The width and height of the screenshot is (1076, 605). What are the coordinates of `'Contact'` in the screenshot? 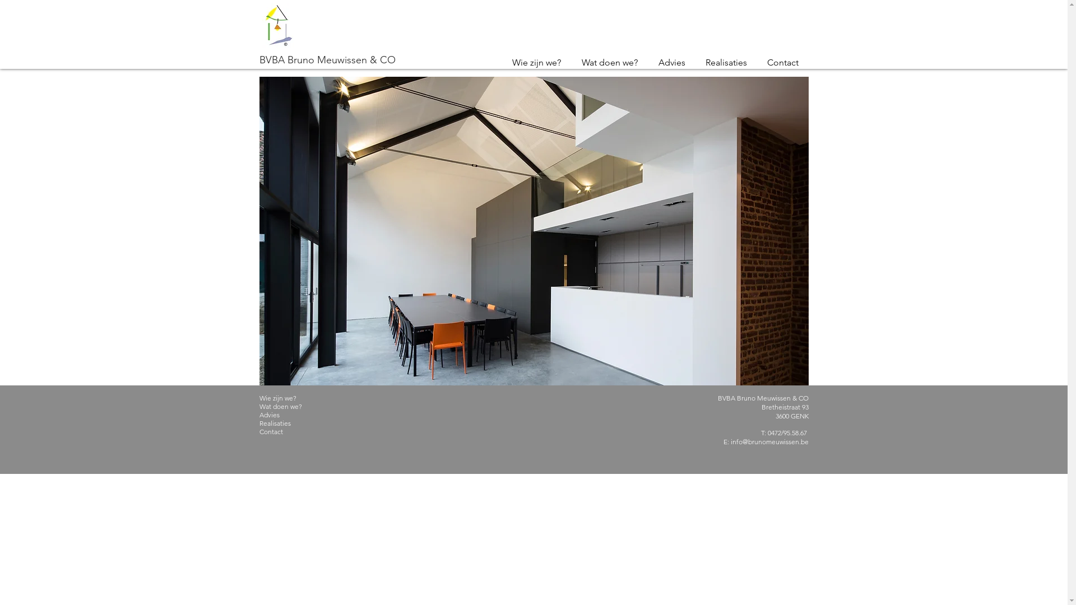 It's located at (296, 431).